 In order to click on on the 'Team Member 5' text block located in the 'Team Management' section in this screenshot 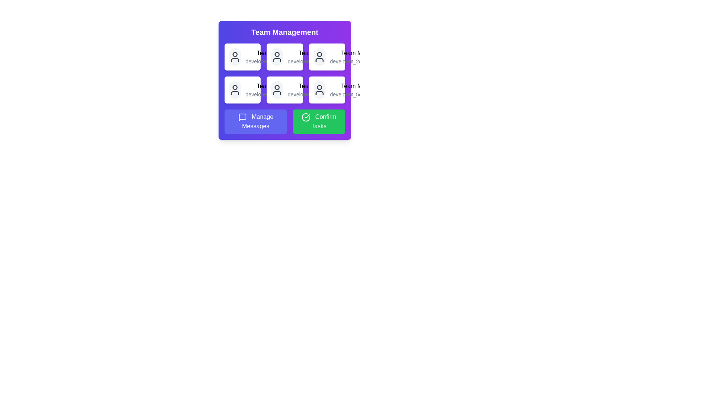, I will do `click(320, 89)`.